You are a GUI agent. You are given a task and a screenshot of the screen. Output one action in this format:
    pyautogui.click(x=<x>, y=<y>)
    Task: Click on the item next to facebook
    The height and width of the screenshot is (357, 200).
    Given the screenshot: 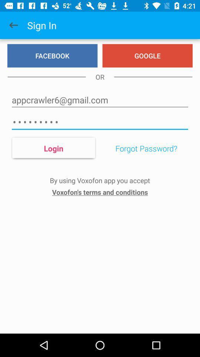 What is the action you would take?
    pyautogui.click(x=147, y=55)
    